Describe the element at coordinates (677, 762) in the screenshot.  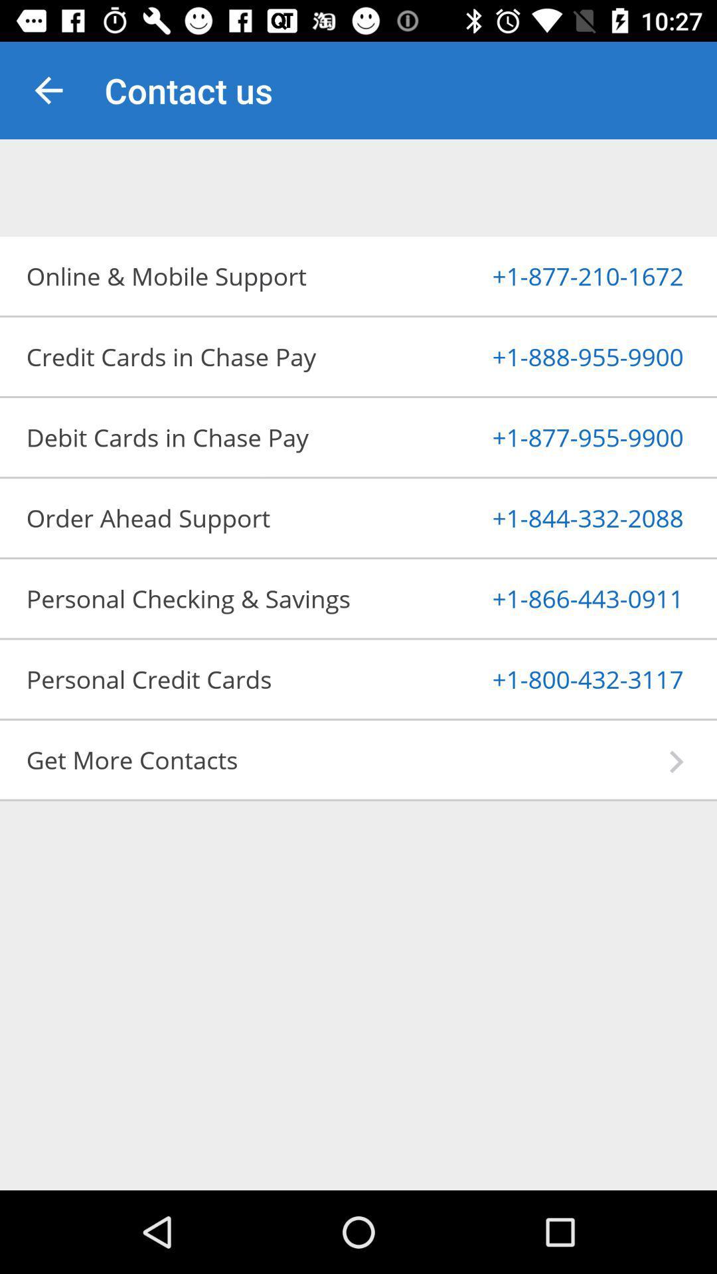
I see `app to the right of the get more contacts icon` at that location.